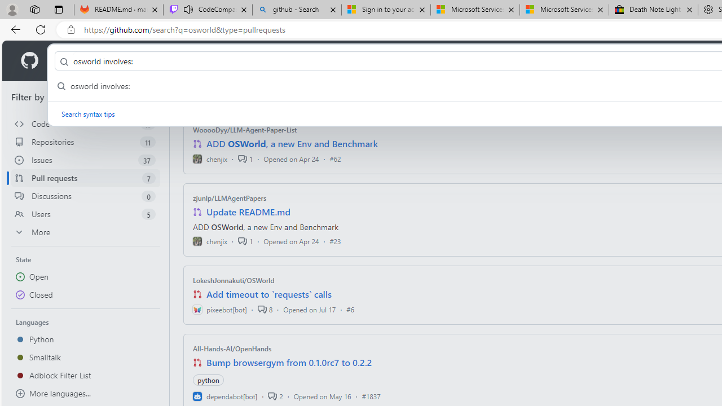 The image size is (722, 406). I want to click on 'WooooDyy/LLM-Agent-Paper-List', so click(244, 129).